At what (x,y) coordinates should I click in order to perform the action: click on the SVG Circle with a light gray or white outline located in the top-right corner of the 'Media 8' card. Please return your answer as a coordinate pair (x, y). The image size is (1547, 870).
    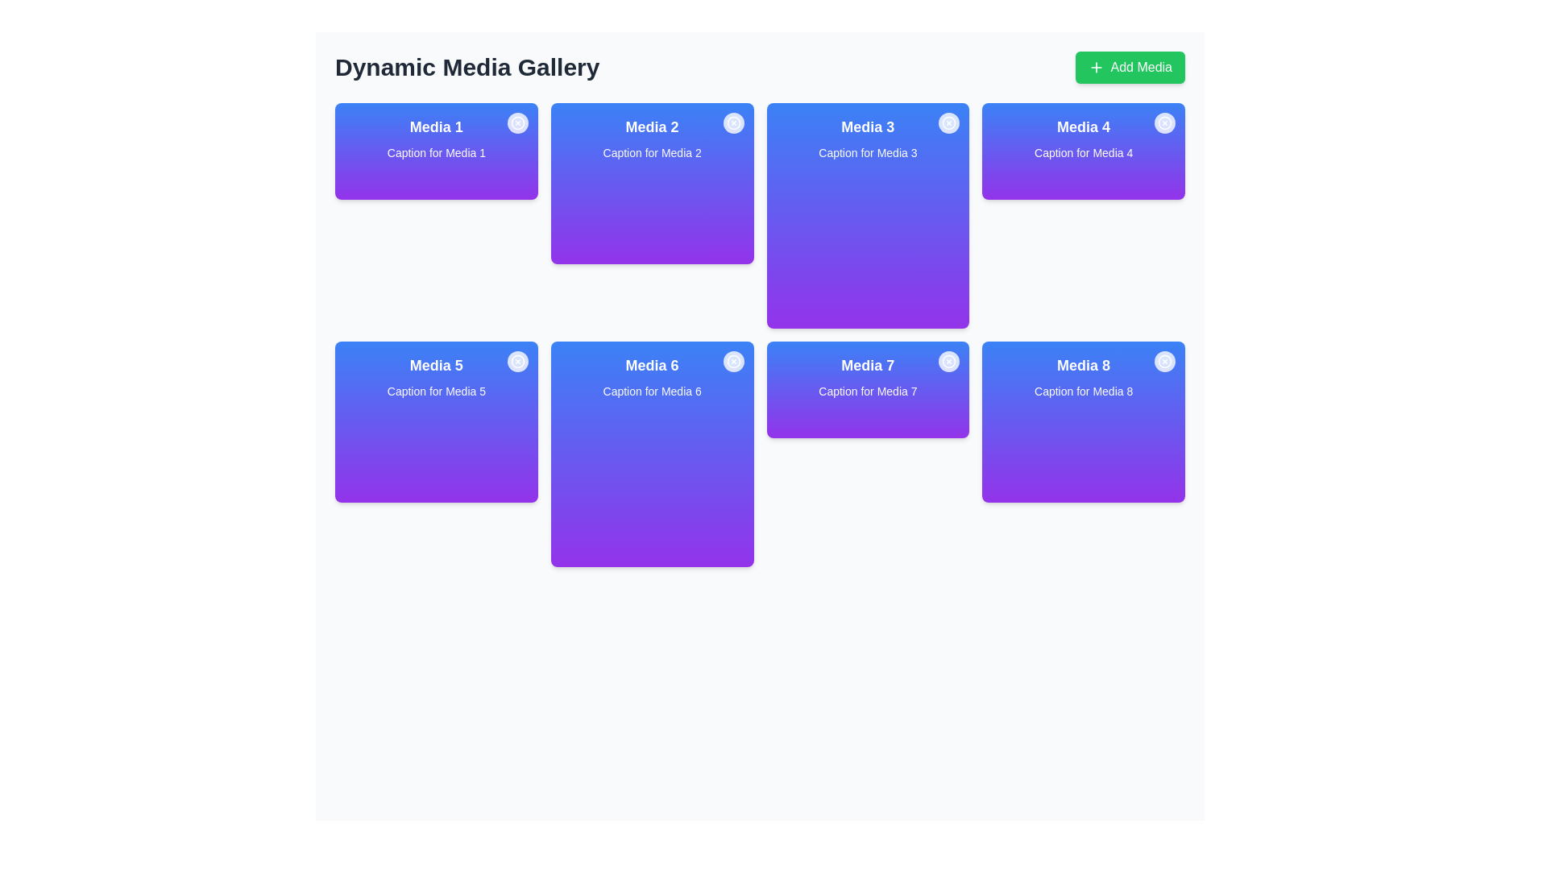
    Looking at the image, I should click on (1164, 360).